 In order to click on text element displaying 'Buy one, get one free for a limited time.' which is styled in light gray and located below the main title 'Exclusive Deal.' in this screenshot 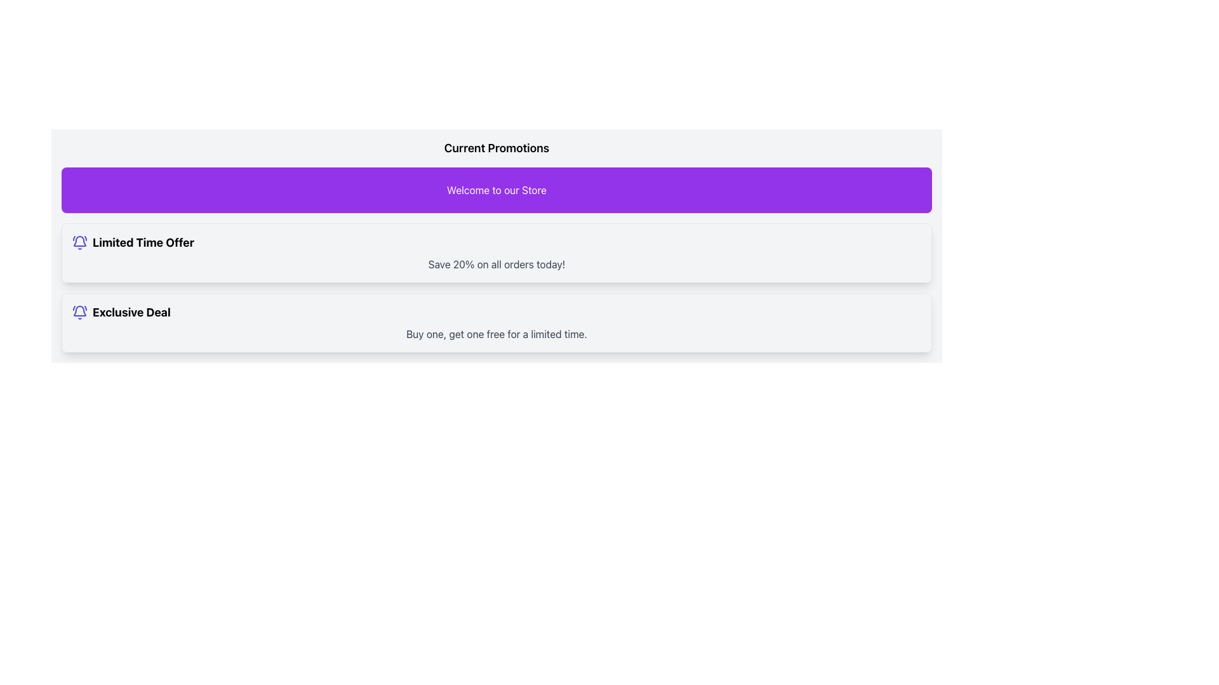, I will do `click(496, 334)`.